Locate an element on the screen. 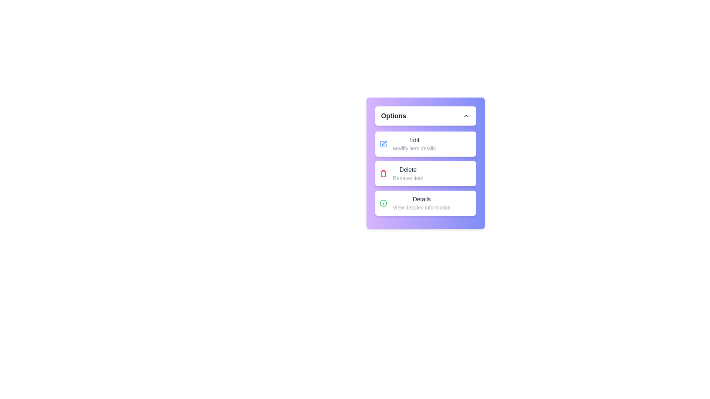 The height and width of the screenshot is (399, 710). the menu item Delete from the options is located at coordinates (425, 174).